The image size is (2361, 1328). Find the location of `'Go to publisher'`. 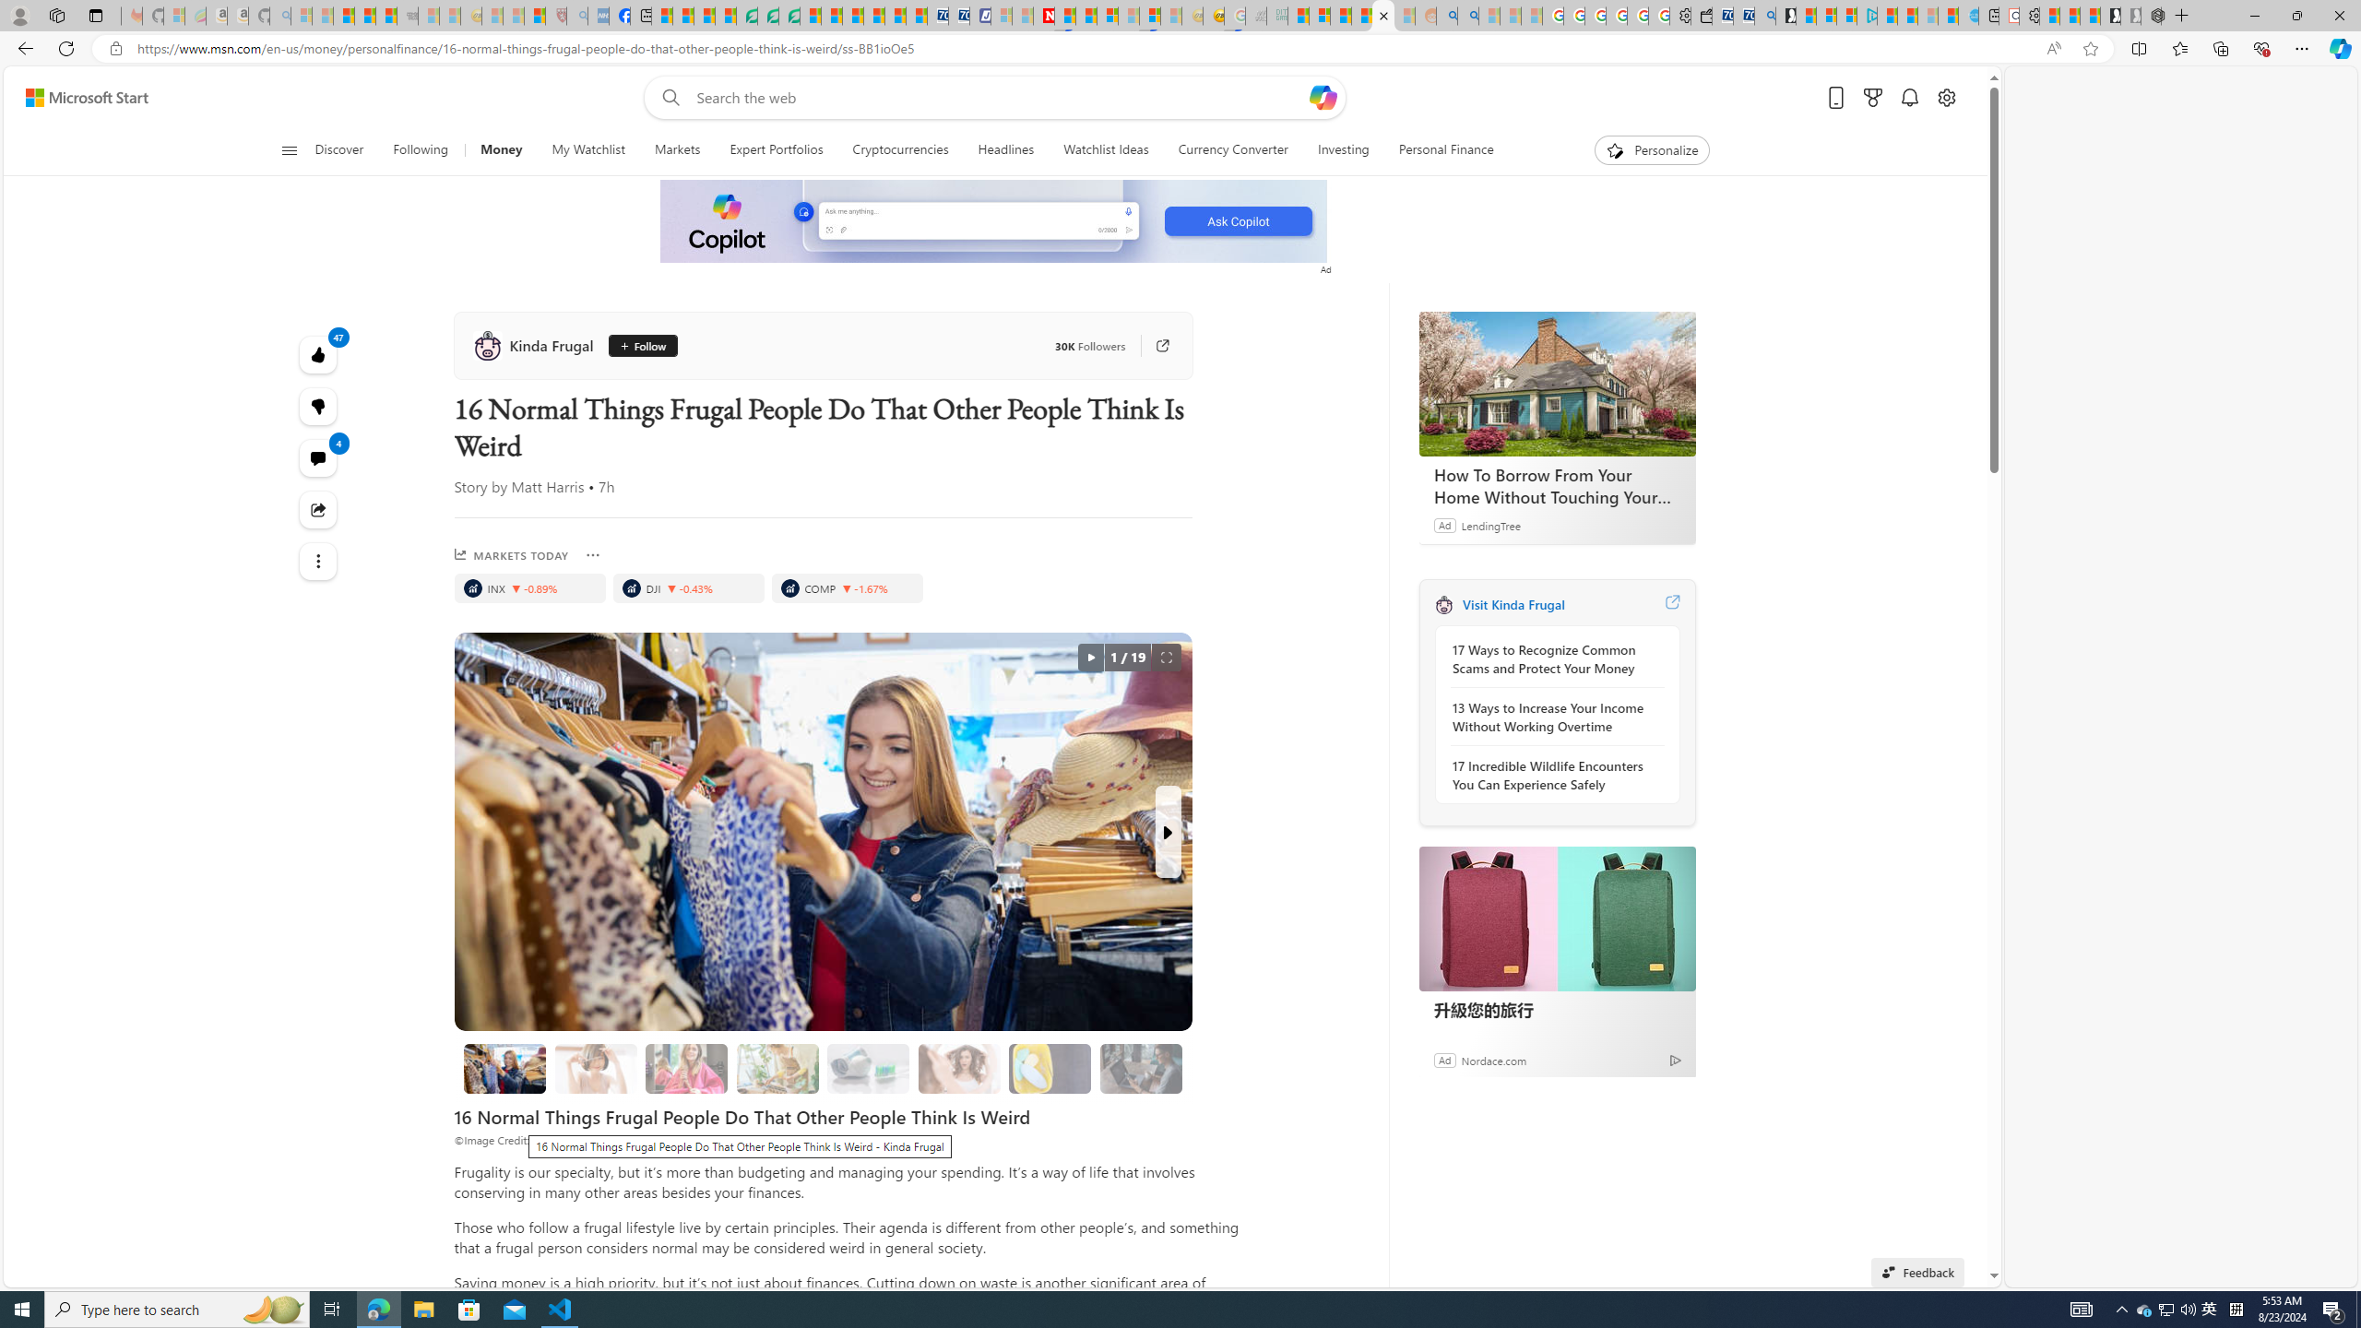

'Go to publisher' is located at coordinates (1153, 346).